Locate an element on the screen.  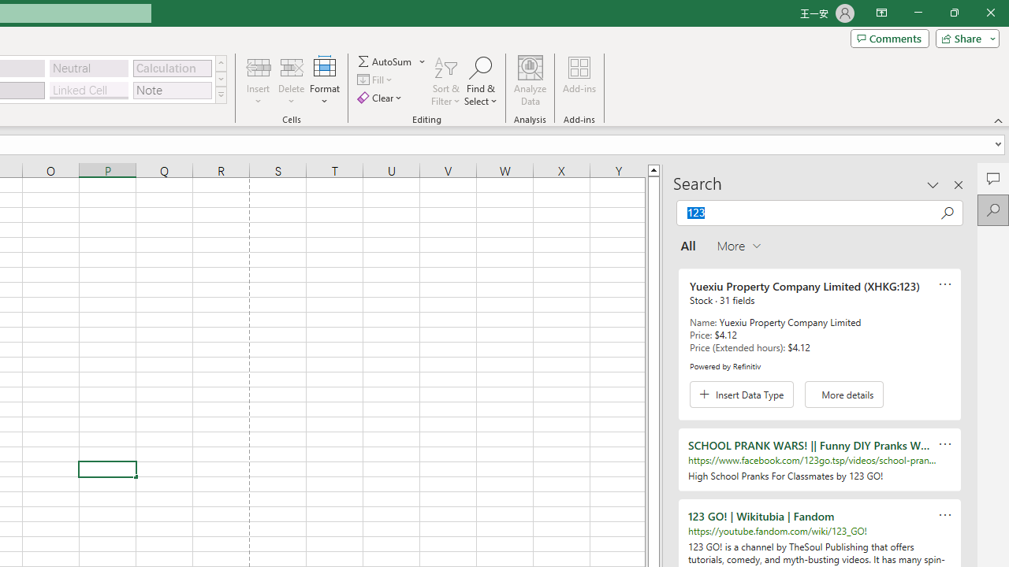
'Delete' is located at coordinates (291, 81).